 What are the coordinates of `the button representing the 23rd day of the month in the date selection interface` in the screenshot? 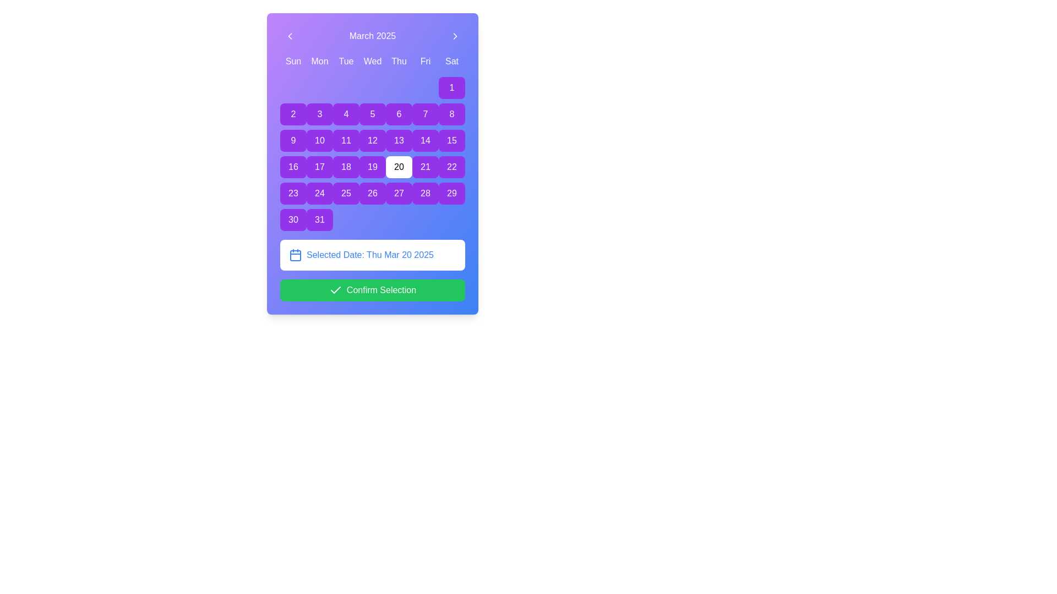 It's located at (293, 193).